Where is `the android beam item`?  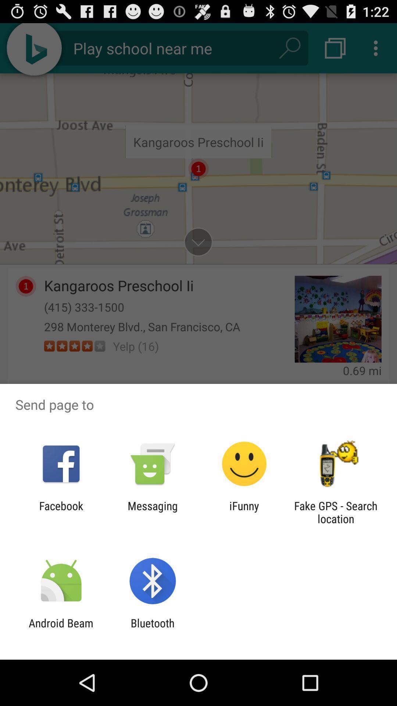
the android beam item is located at coordinates (61, 629).